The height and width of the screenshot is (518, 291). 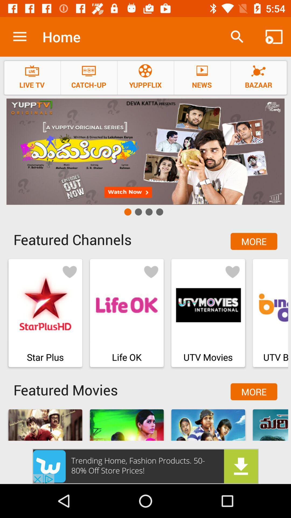 What do you see at coordinates (232, 271) in the screenshot?
I see `like the option` at bounding box center [232, 271].